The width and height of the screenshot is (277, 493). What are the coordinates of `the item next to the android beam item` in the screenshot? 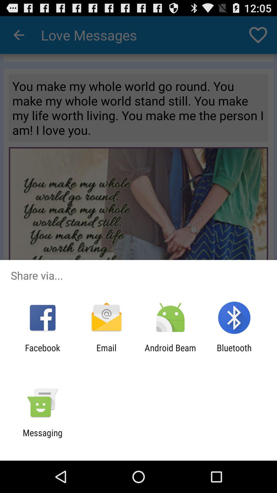 It's located at (234, 353).